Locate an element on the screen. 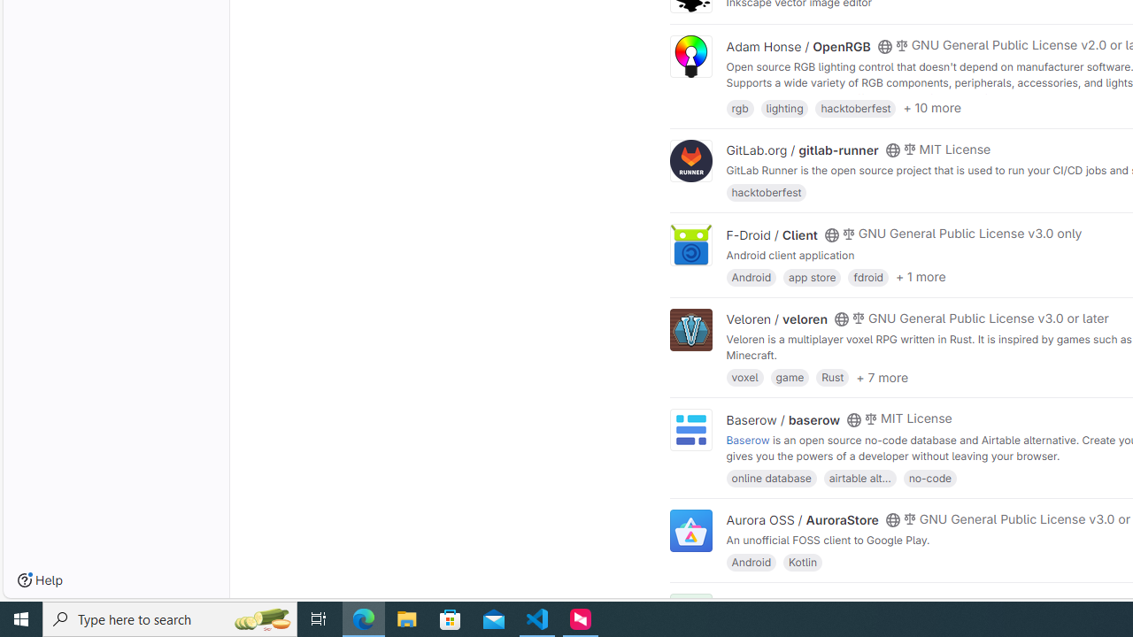 The image size is (1133, 637). 'Veloren / veloren' is located at coordinates (777, 319).